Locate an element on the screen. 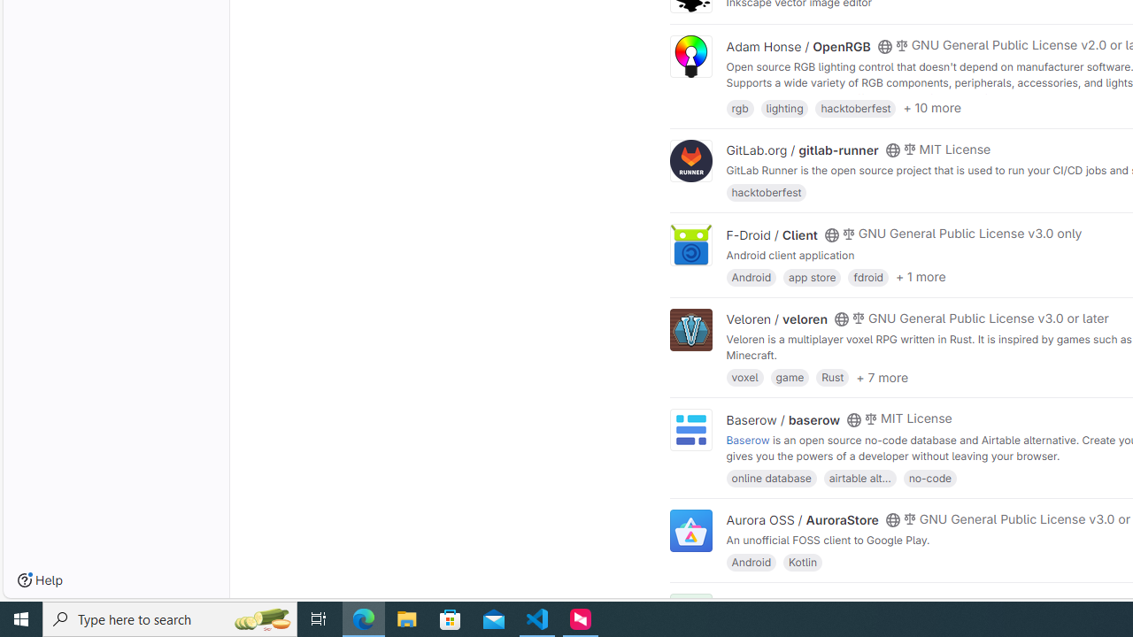 The image size is (1133, 637). 'Veloren / veloren' is located at coordinates (777, 319).